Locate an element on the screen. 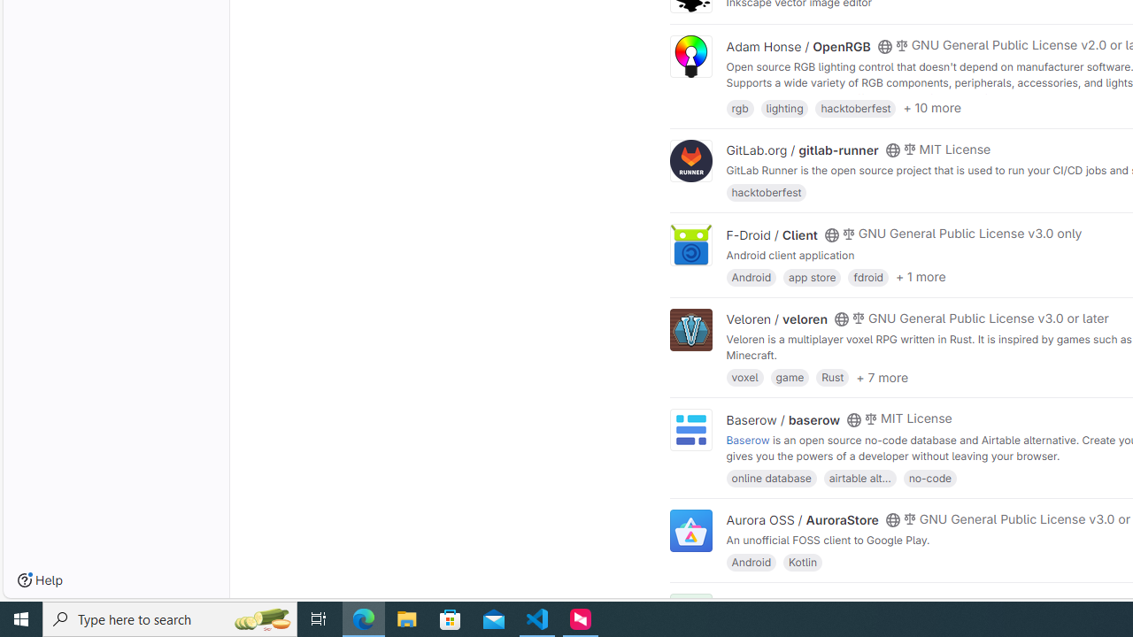 The image size is (1133, 637). 'Veloren / veloren' is located at coordinates (777, 319).